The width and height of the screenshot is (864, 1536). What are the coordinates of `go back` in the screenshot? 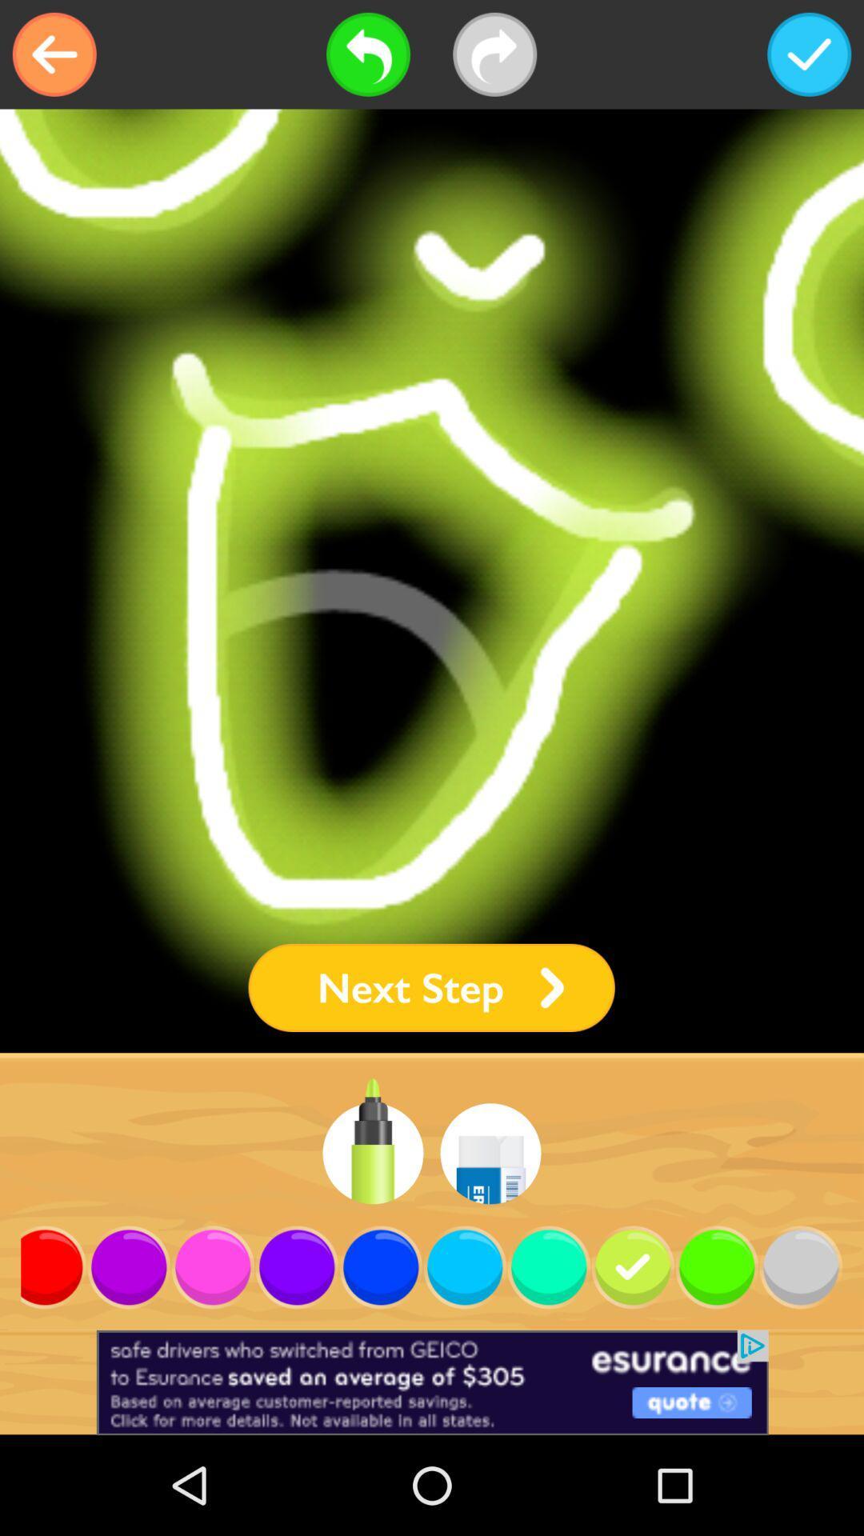 It's located at (54, 54).